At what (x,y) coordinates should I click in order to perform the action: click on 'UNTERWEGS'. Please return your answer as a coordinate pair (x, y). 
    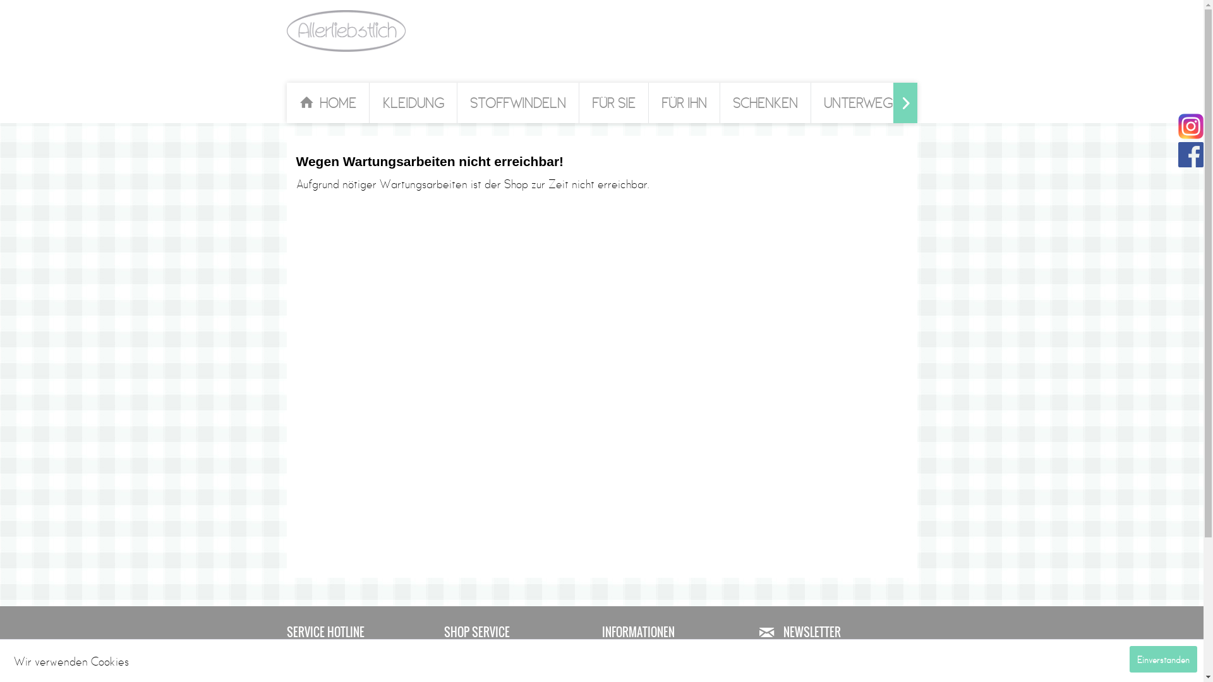
    Looking at the image, I should click on (861, 102).